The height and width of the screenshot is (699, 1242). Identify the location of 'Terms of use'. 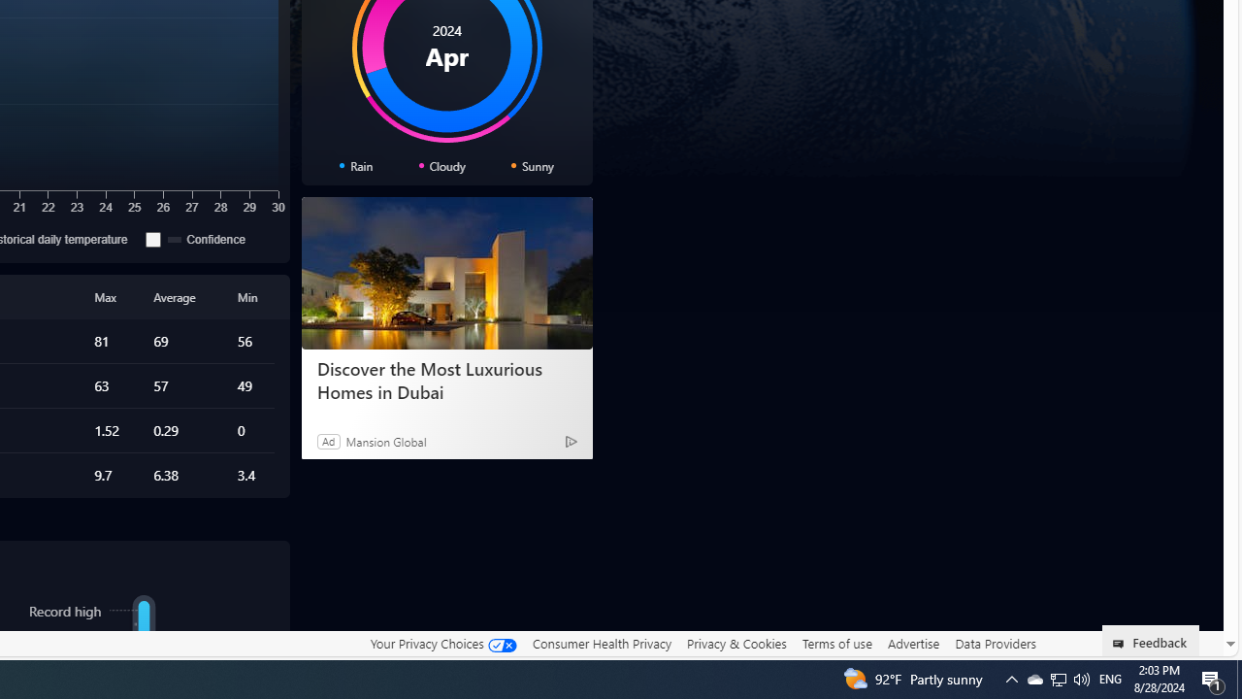
(836, 643).